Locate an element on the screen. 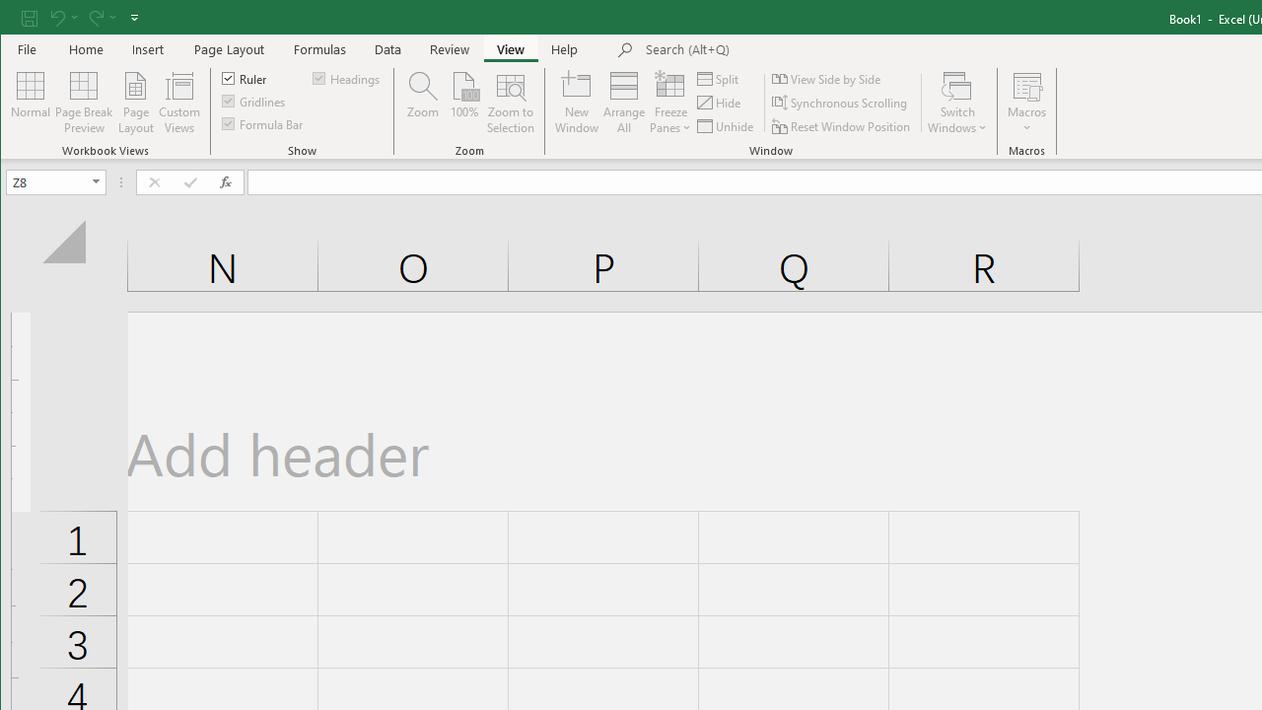  'View' is located at coordinates (511, 48).